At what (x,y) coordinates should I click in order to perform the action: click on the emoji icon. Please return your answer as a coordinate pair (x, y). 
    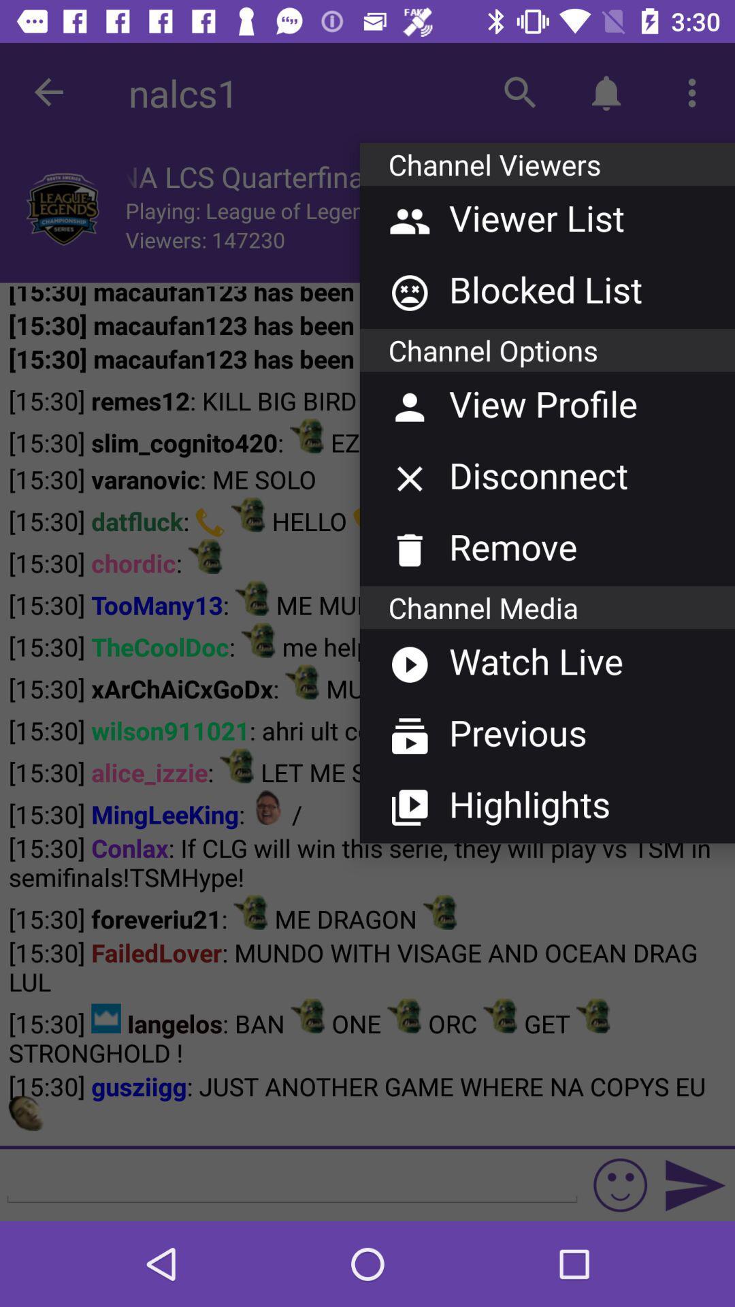
    Looking at the image, I should click on (620, 1184).